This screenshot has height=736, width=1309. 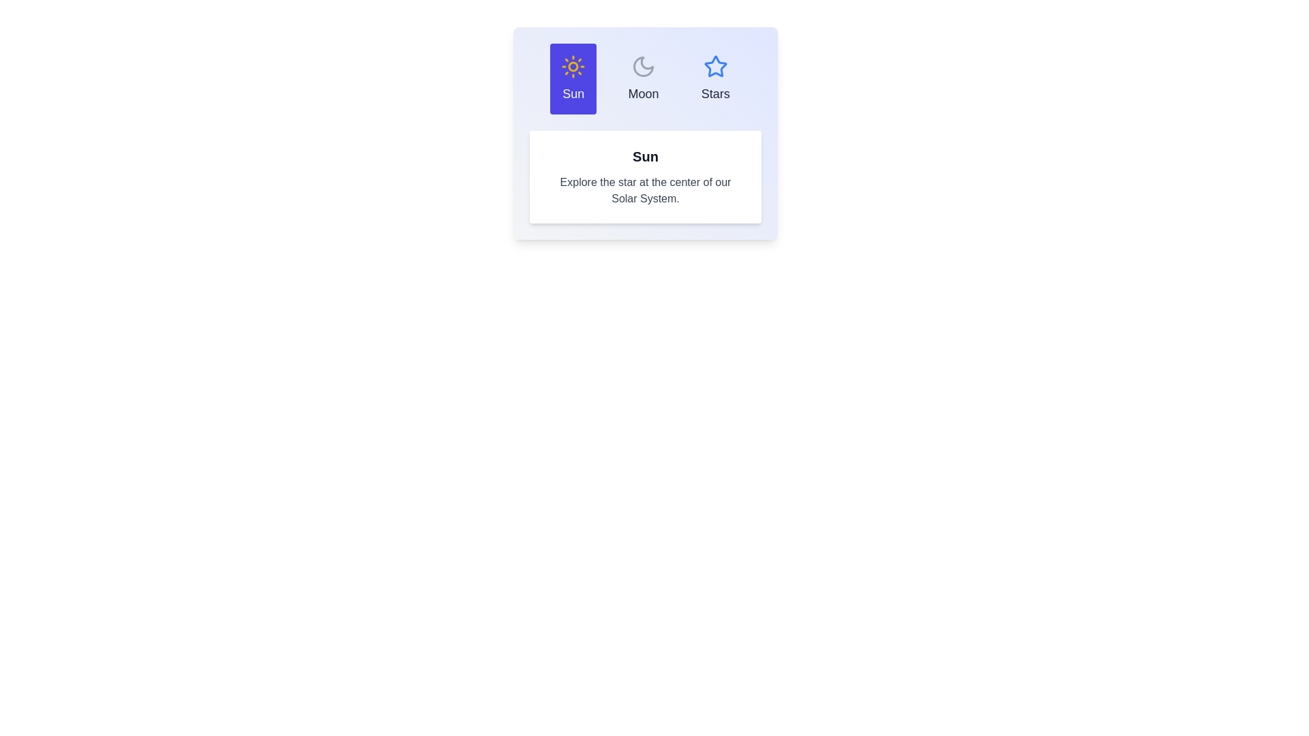 I want to click on the tab corresponding to Stars to view its associated information, so click(x=714, y=78).